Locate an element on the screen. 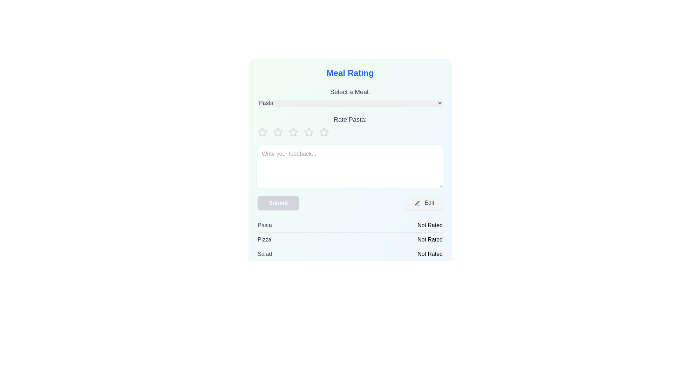  the leftmost star icon in the rating system is located at coordinates (262, 132).